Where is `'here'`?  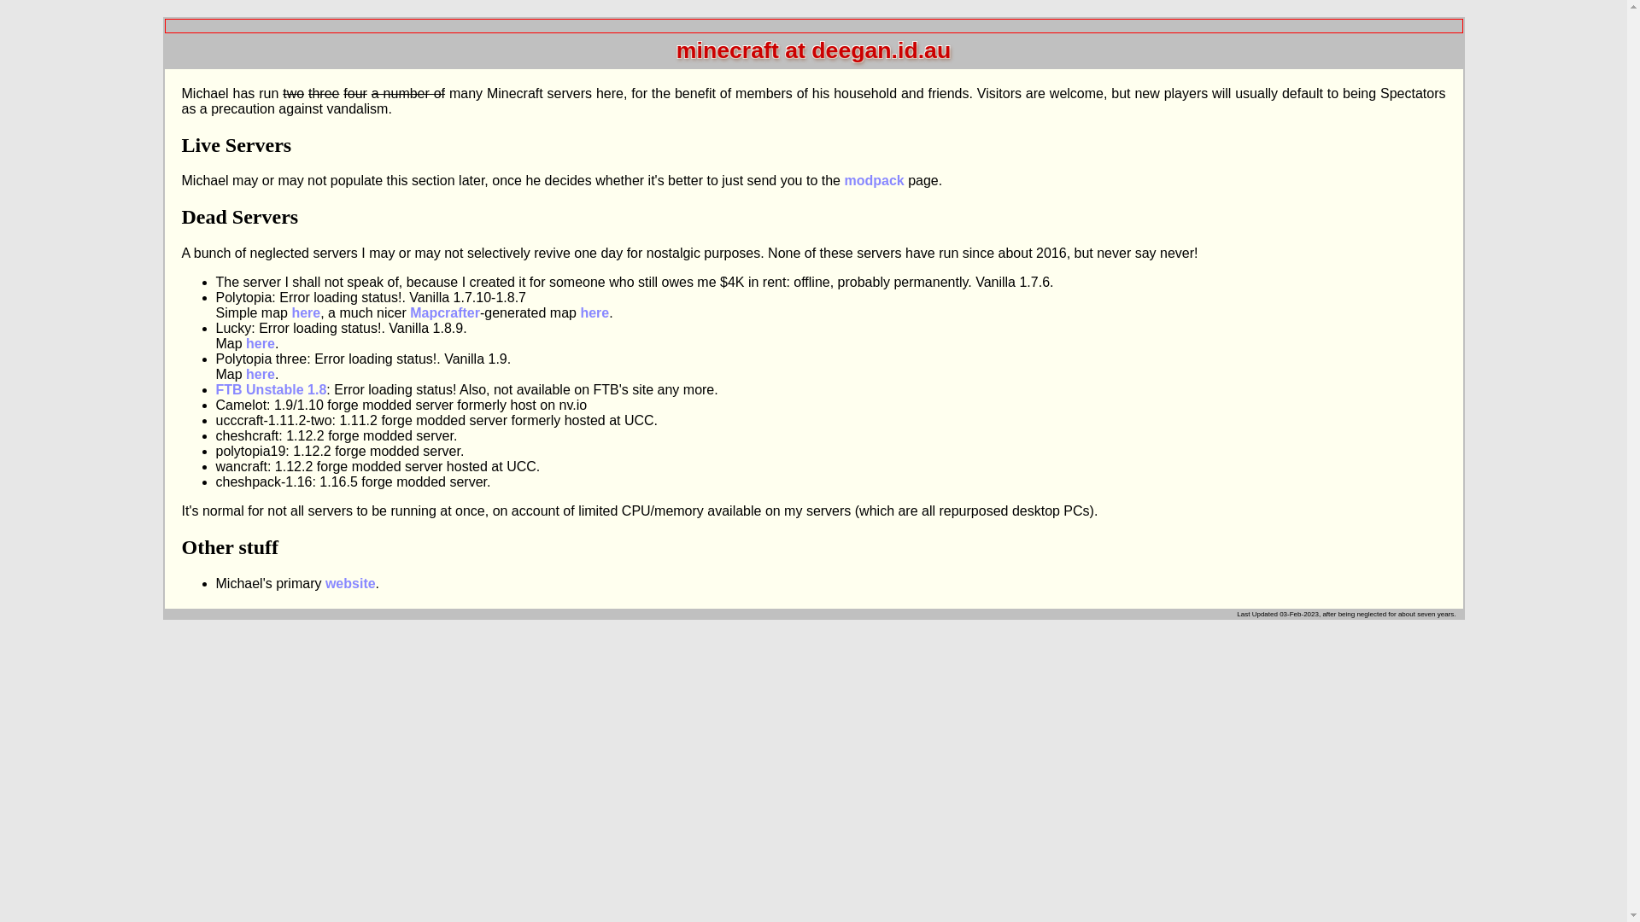 'here' is located at coordinates (260, 343).